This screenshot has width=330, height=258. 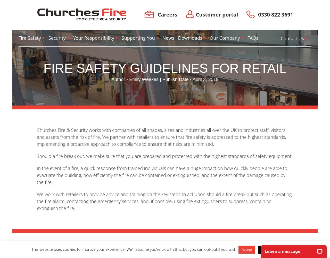 I want to click on 'This website uses cookies to improve your experience. We'll assume you're ok with this, but you can opt-out if you wish.', so click(x=134, y=249).